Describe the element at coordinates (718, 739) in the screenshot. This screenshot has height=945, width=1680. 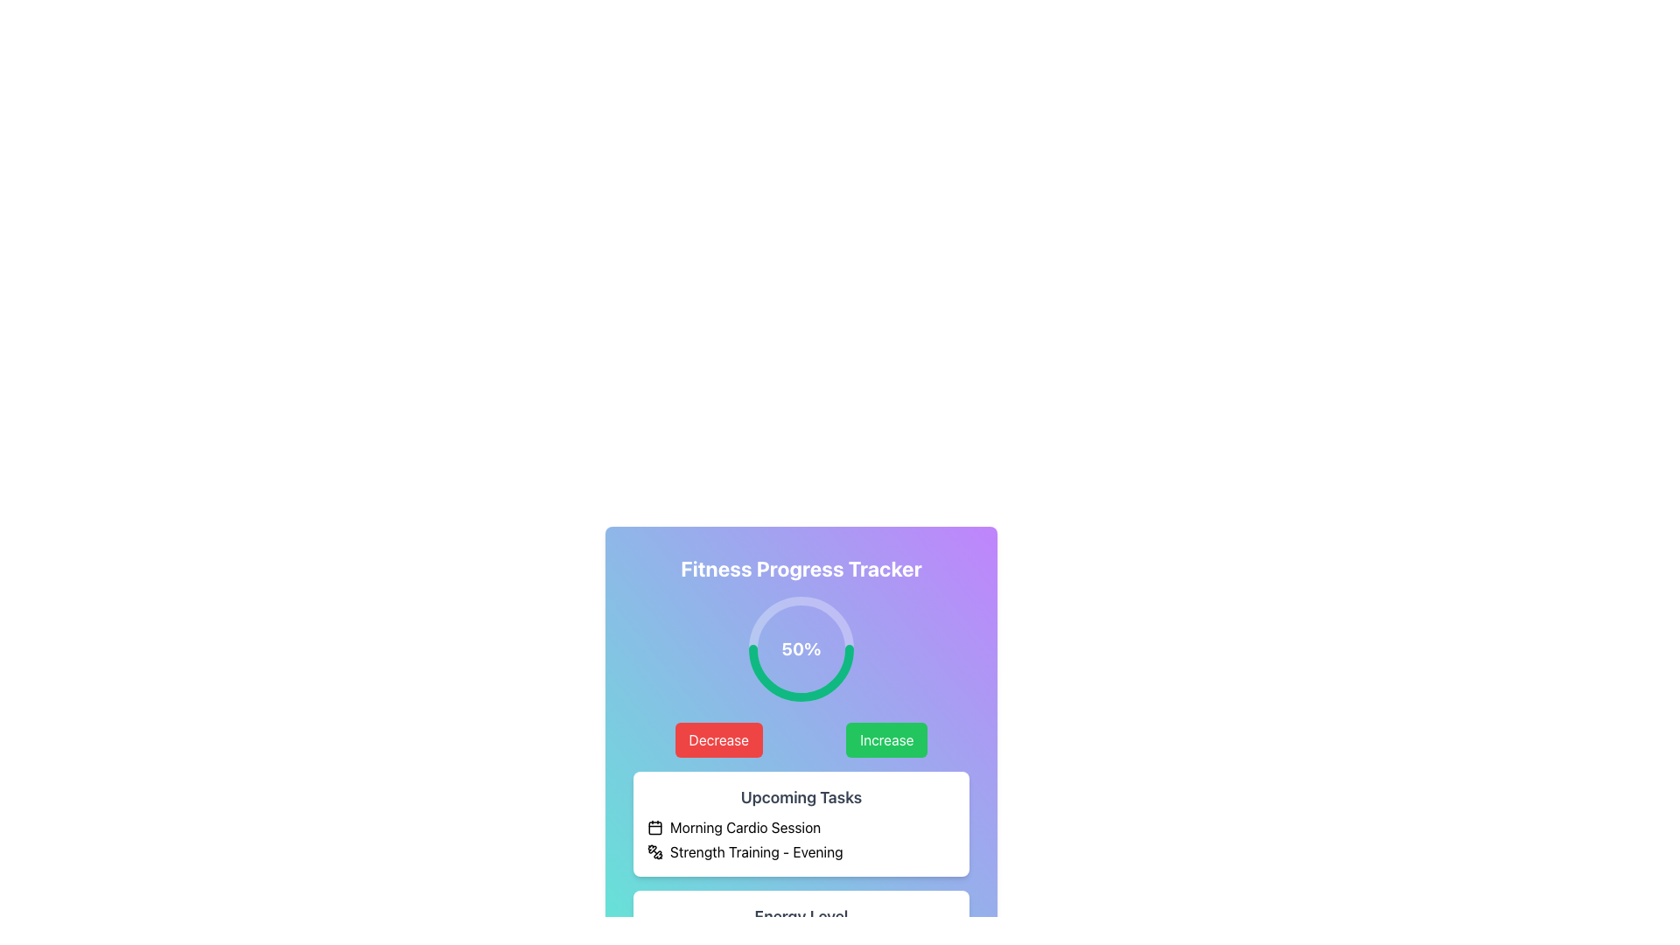
I see `the button that decreases the value or progress indicator, located to the left of the green 'Increase' button under the progress circle` at that location.